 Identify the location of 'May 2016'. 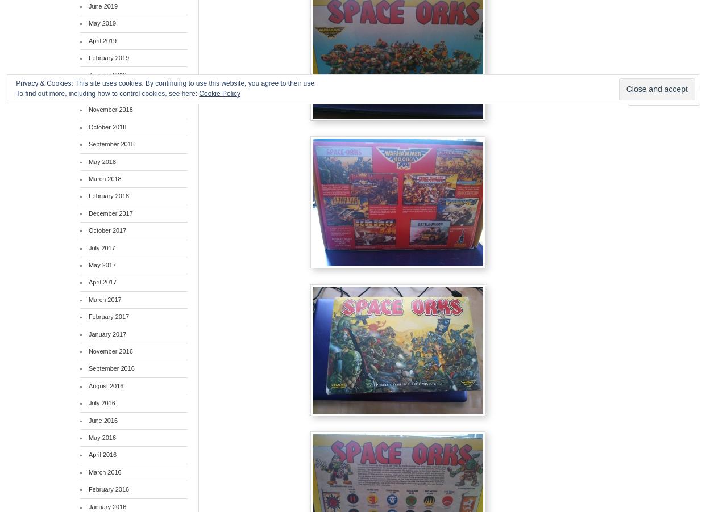
(101, 437).